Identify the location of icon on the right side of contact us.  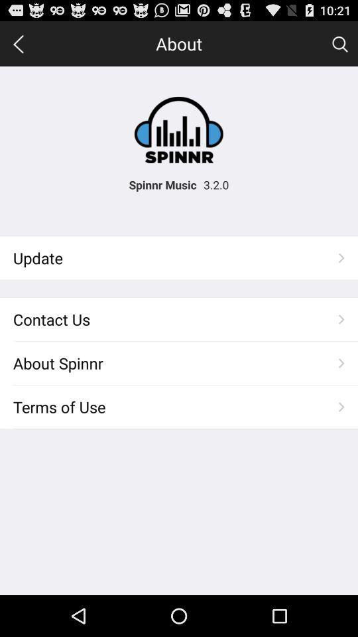
(341, 318).